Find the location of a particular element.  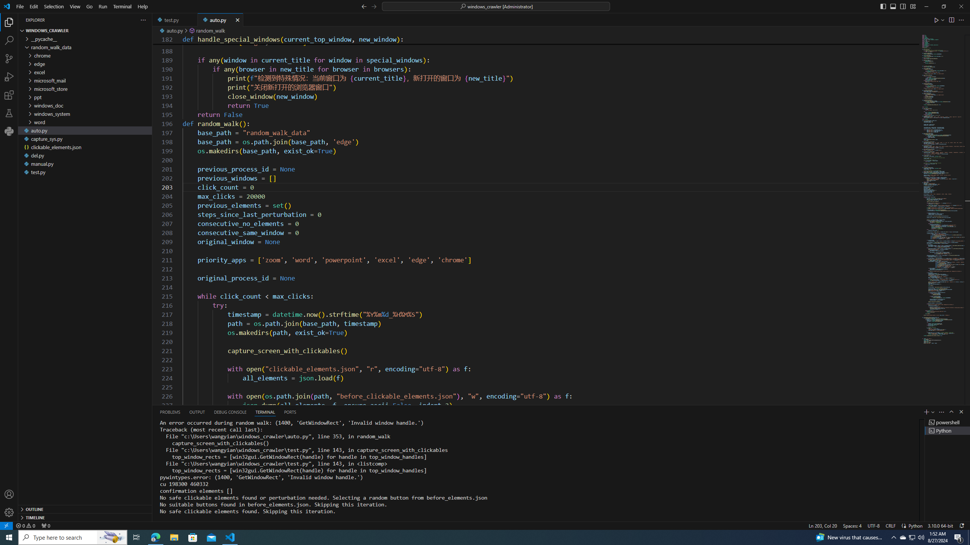

'Explorer Section: windows_crawler' is located at coordinates (85, 30).